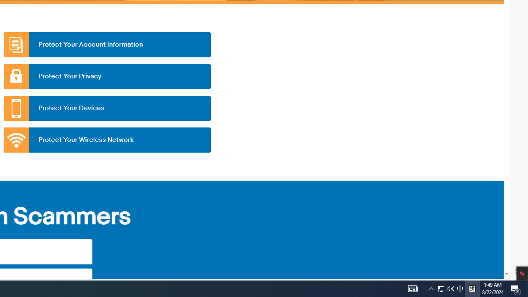 The width and height of the screenshot is (528, 297). What do you see at coordinates (106, 139) in the screenshot?
I see `'Protect Your Wireless Network'` at bounding box center [106, 139].